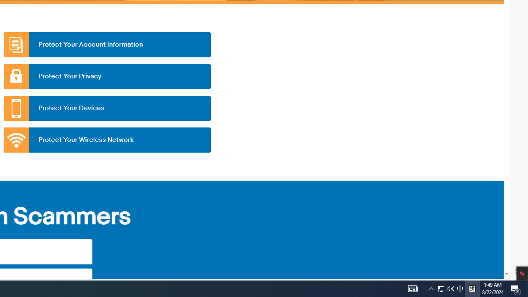 The width and height of the screenshot is (528, 297). What do you see at coordinates (106, 139) in the screenshot?
I see `'Protect Your Wireless Network'` at bounding box center [106, 139].